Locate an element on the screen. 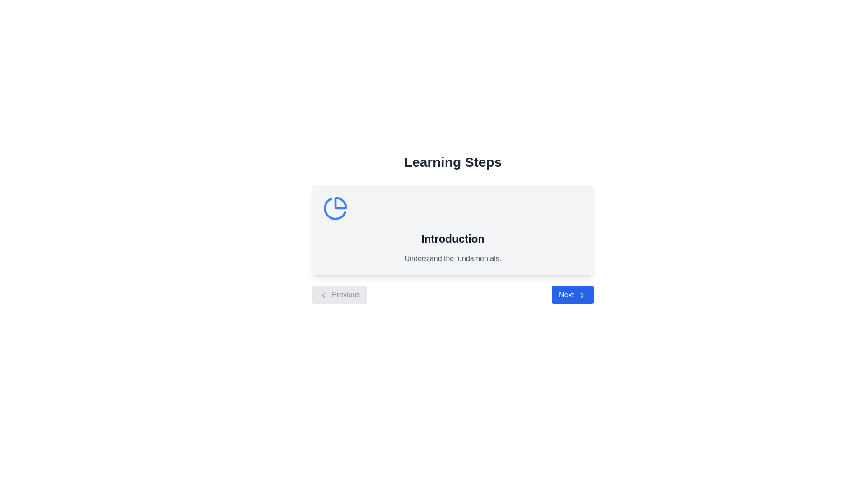 The image size is (867, 487). the right-pointing arrow icon inside the blue 'Next' button, which indicates navigation to the next step in the process is located at coordinates (582, 295).